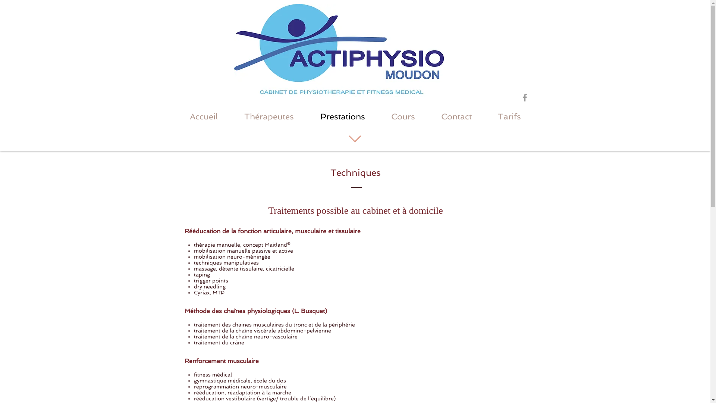  I want to click on 'Tarifs', so click(485, 116).